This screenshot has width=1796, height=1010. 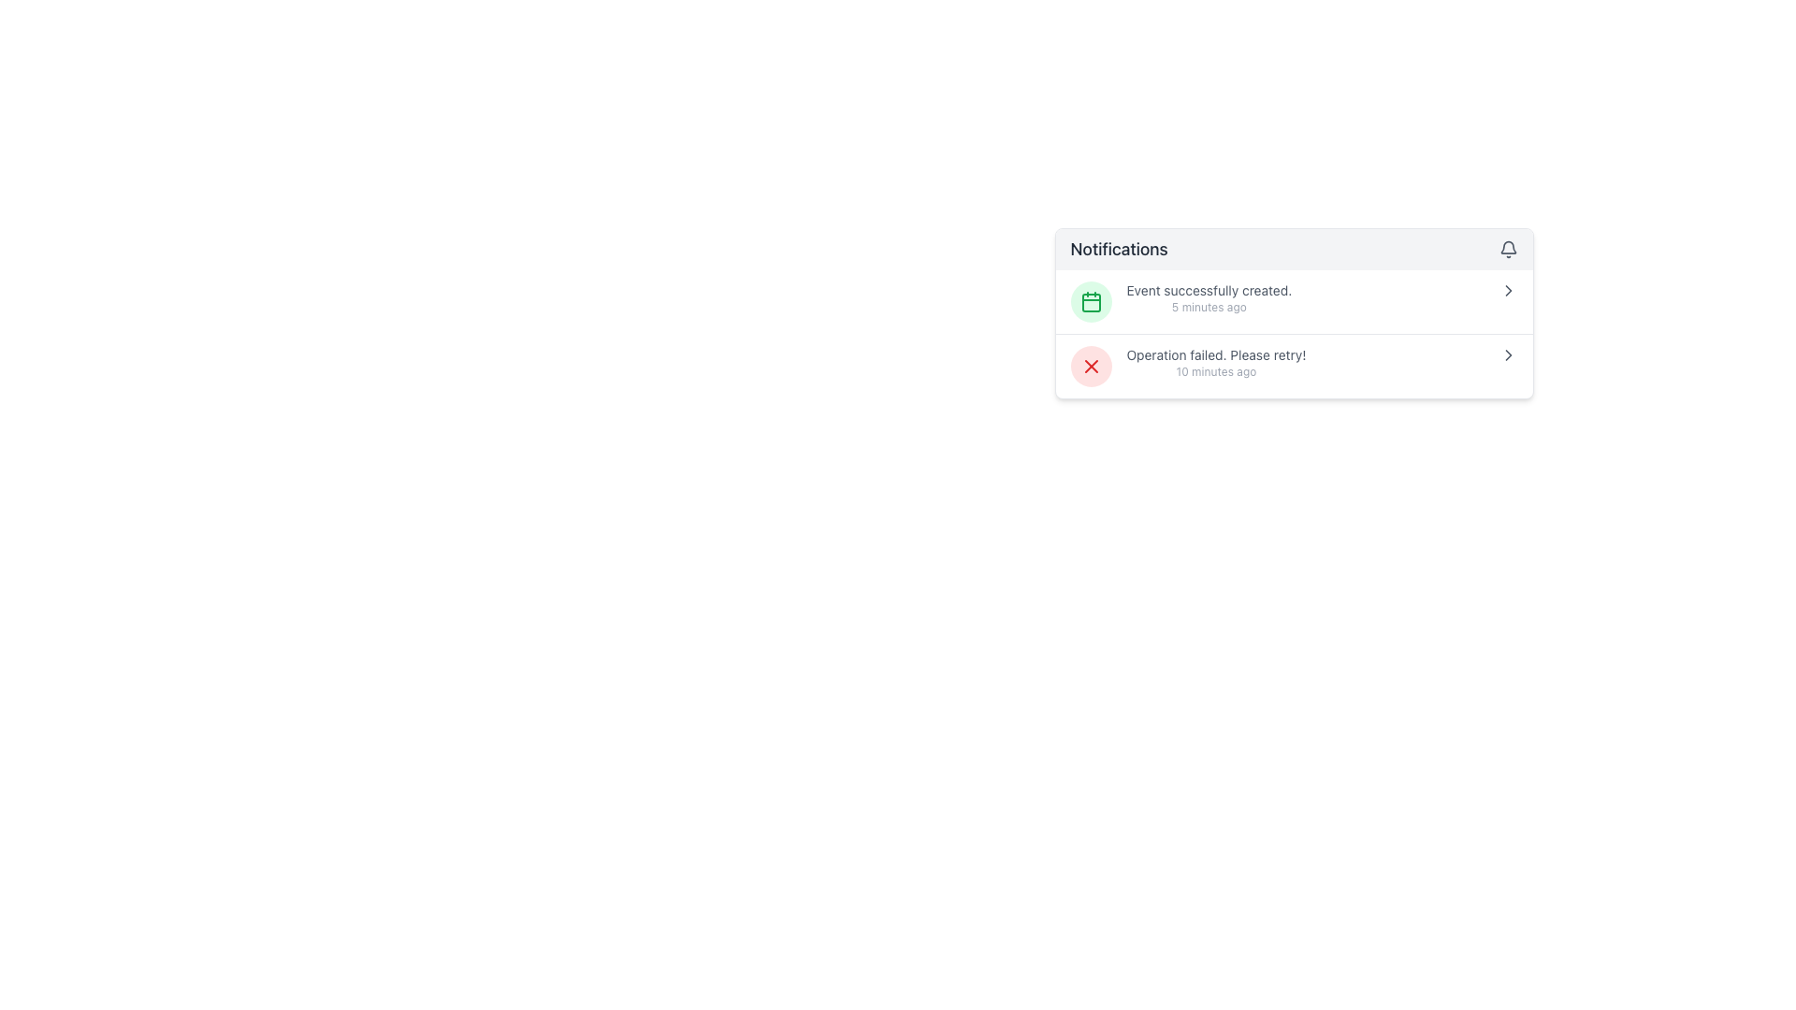 What do you see at coordinates (1209, 297) in the screenshot?
I see `the multiline text element displaying 'Event successfully created.' with the timestamp '5 minutes ago' underneath, located in the notification list` at bounding box center [1209, 297].